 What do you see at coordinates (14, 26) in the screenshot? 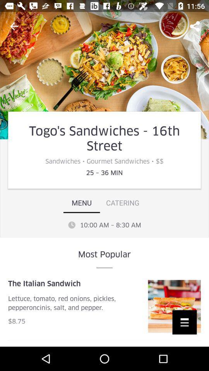
I see `the arrow_backward icon` at bounding box center [14, 26].